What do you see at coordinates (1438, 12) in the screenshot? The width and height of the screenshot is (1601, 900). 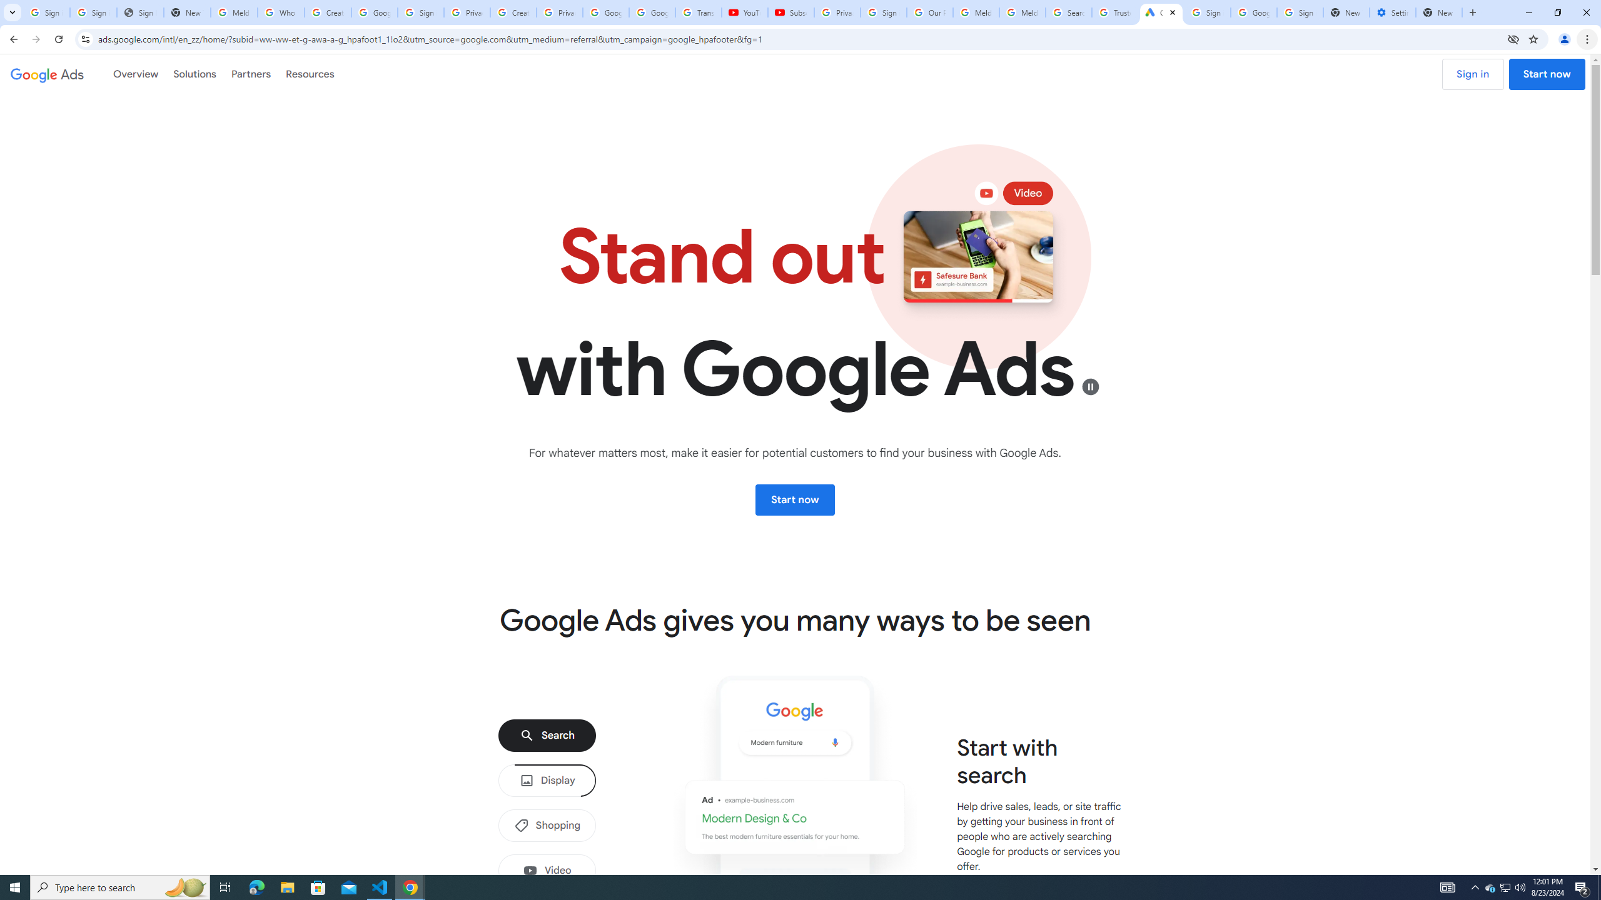 I see `'New Tab'` at bounding box center [1438, 12].